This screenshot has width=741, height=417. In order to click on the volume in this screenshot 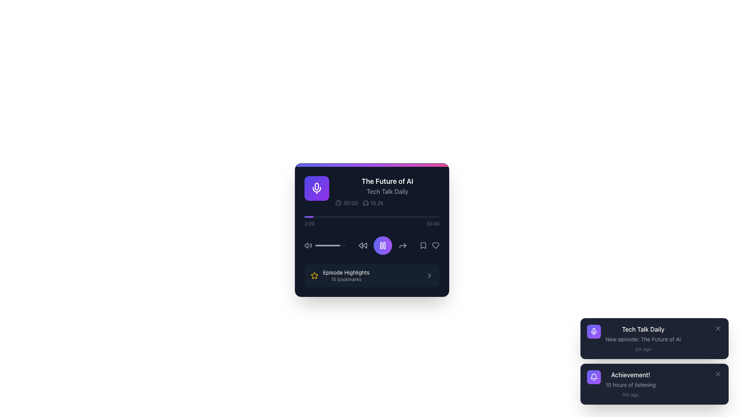, I will do `click(330, 246)`.